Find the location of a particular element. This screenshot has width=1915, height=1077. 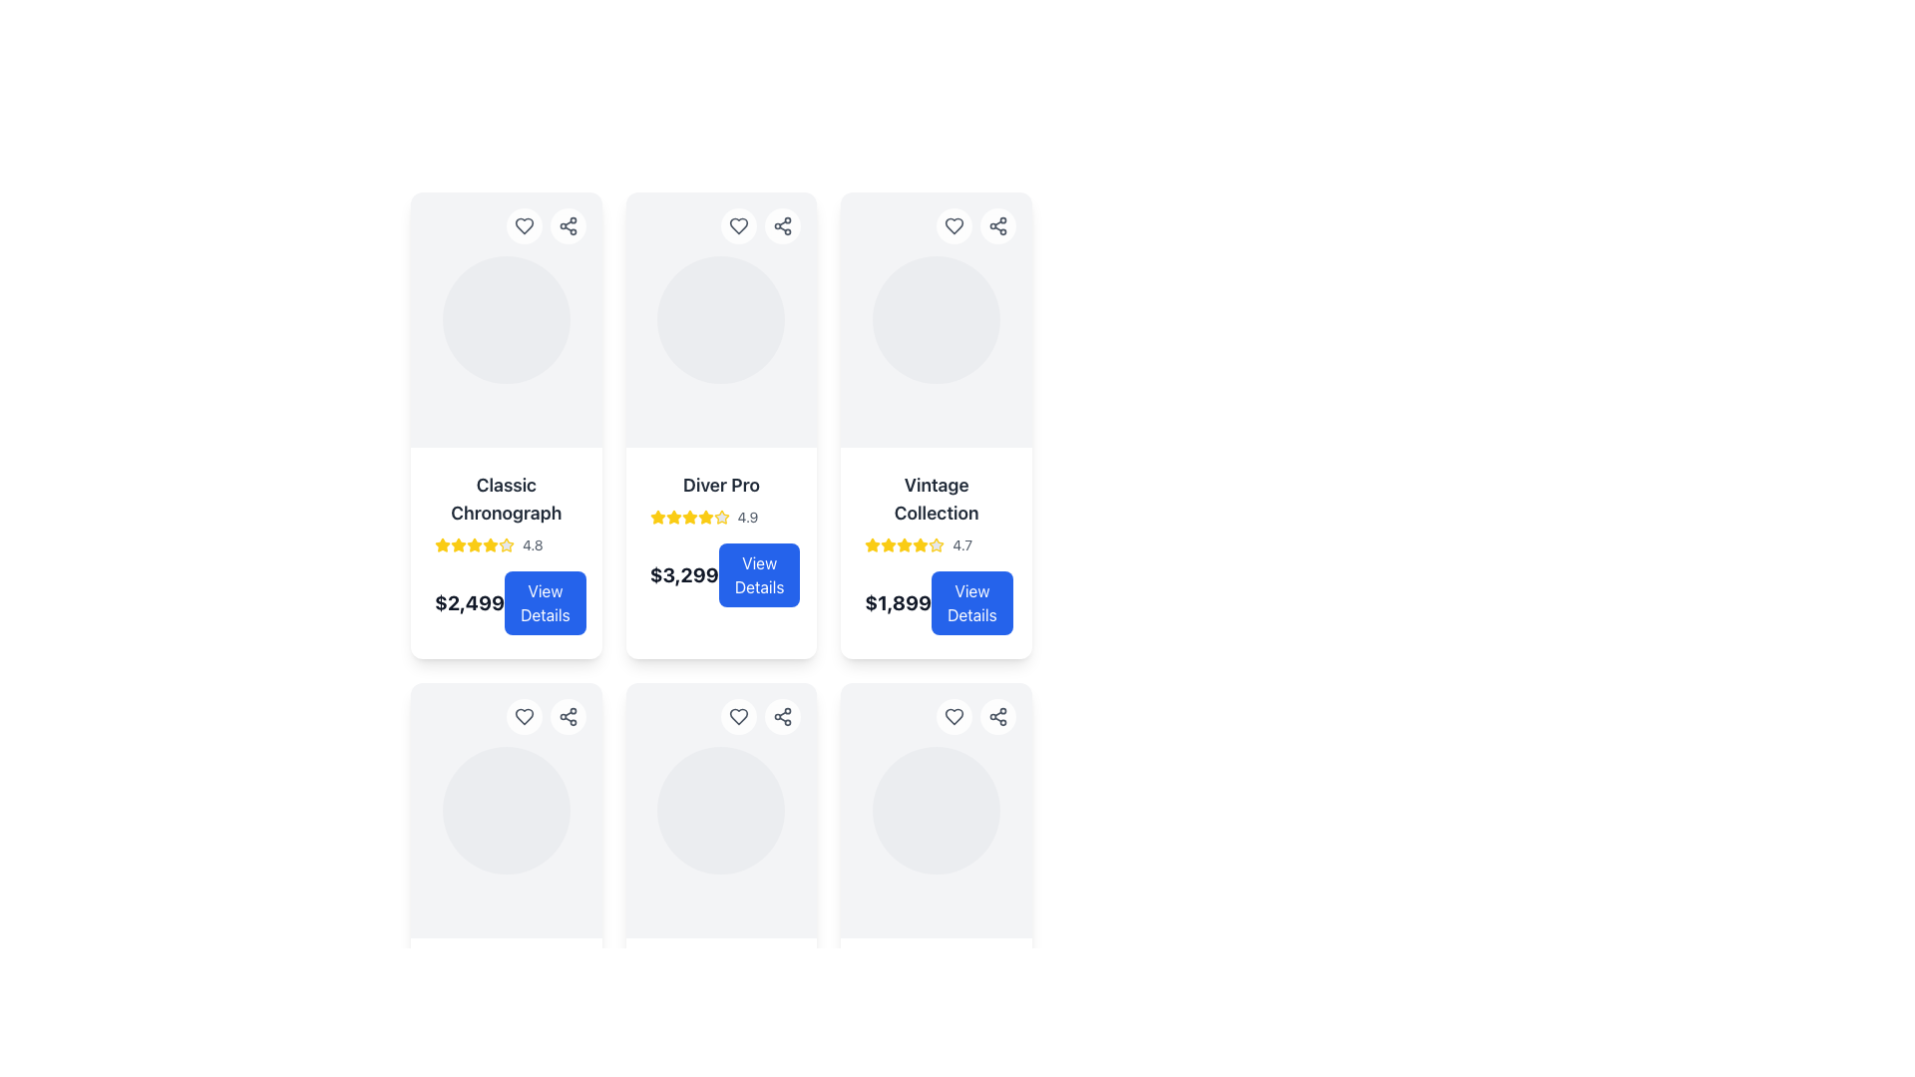

the share icon located at the top-right corner of the second card to initiate a sharing dialog is located at coordinates (782, 715).